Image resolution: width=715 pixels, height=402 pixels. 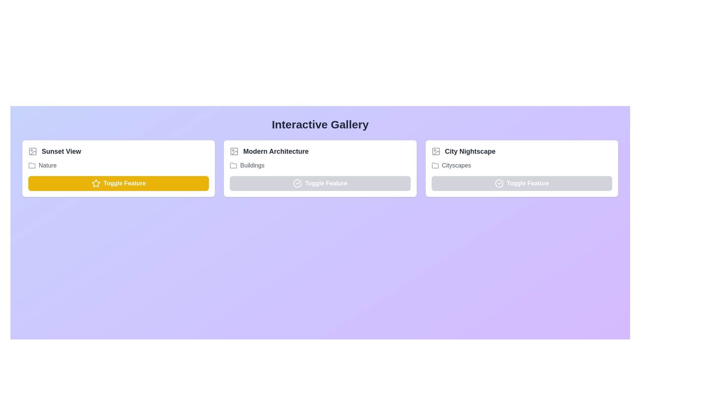 What do you see at coordinates (435, 165) in the screenshot?
I see `the gray folder icon that represents 'Cityscapes', which is located in the third card of the displayed cards` at bounding box center [435, 165].